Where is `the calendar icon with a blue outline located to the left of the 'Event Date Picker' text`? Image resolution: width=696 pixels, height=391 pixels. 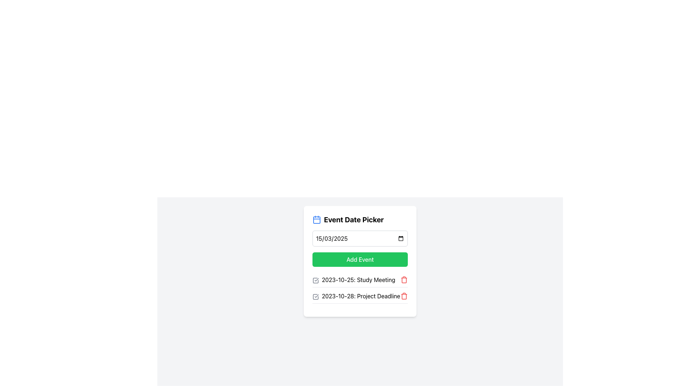 the calendar icon with a blue outline located to the left of the 'Event Date Picker' text is located at coordinates (316, 219).